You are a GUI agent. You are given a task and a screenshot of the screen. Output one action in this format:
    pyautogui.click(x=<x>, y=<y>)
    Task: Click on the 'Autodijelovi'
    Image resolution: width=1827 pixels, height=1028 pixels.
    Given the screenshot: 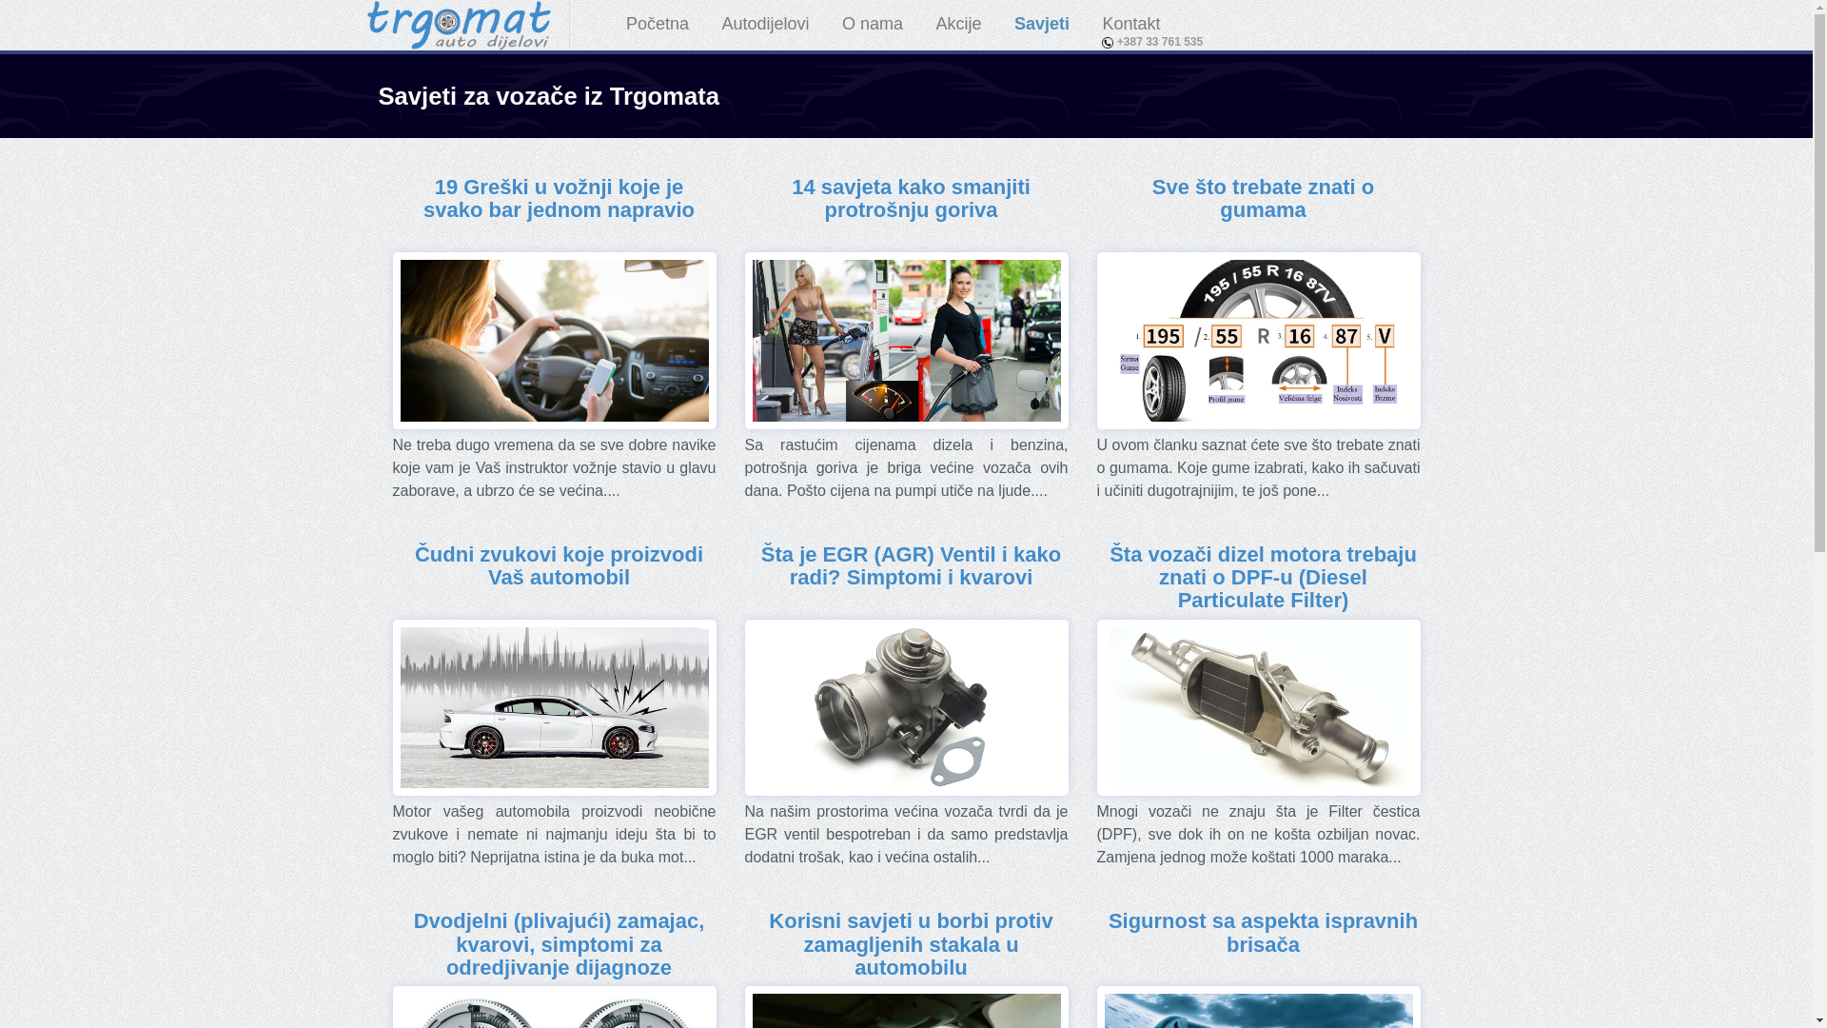 What is the action you would take?
    pyautogui.click(x=764, y=24)
    